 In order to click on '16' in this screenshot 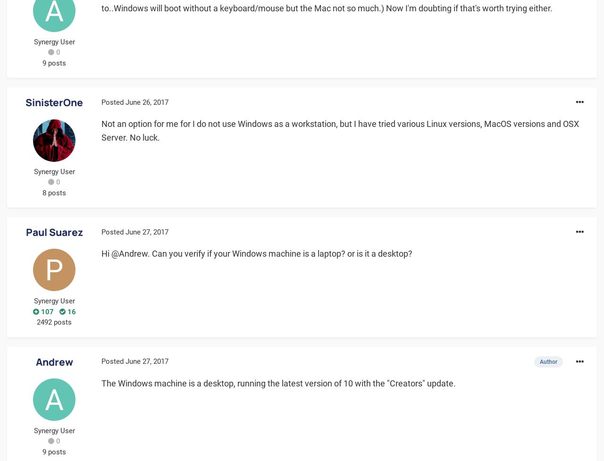, I will do `click(69, 311)`.